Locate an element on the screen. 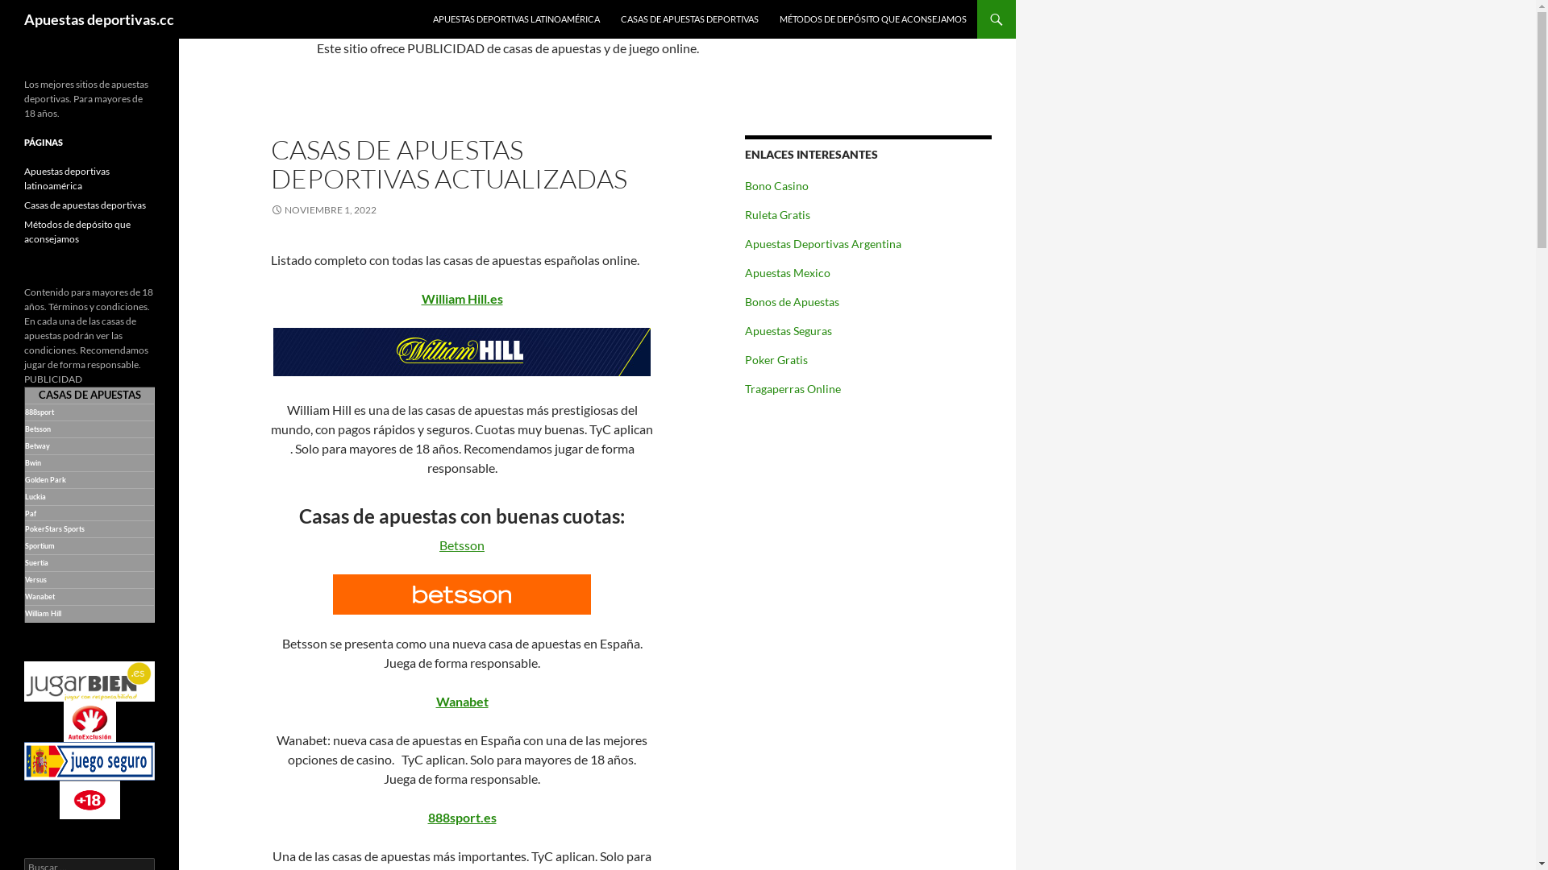  'Golden Park' is located at coordinates (24, 478).